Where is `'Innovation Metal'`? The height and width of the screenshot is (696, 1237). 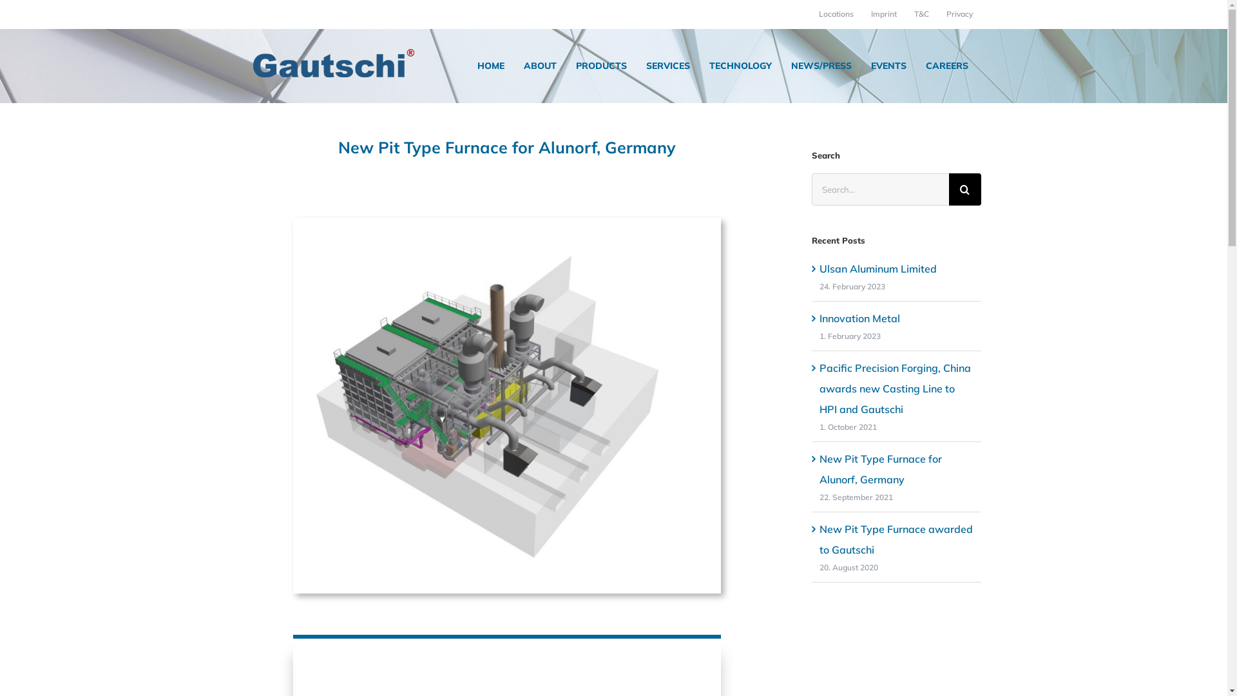
'Innovation Metal' is located at coordinates (859, 318).